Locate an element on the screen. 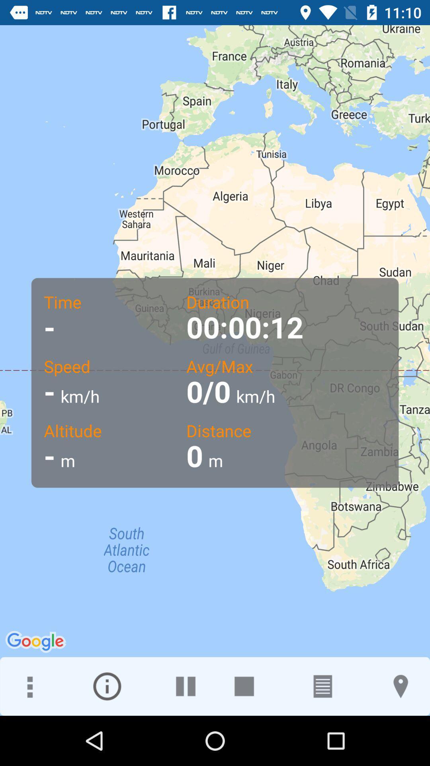  the icon below distance is located at coordinates (401, 686).